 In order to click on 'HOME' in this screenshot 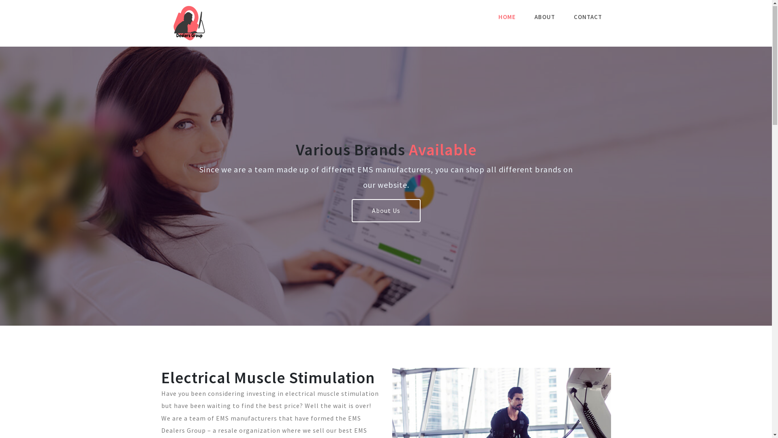, I will do `click(492, 17)`.